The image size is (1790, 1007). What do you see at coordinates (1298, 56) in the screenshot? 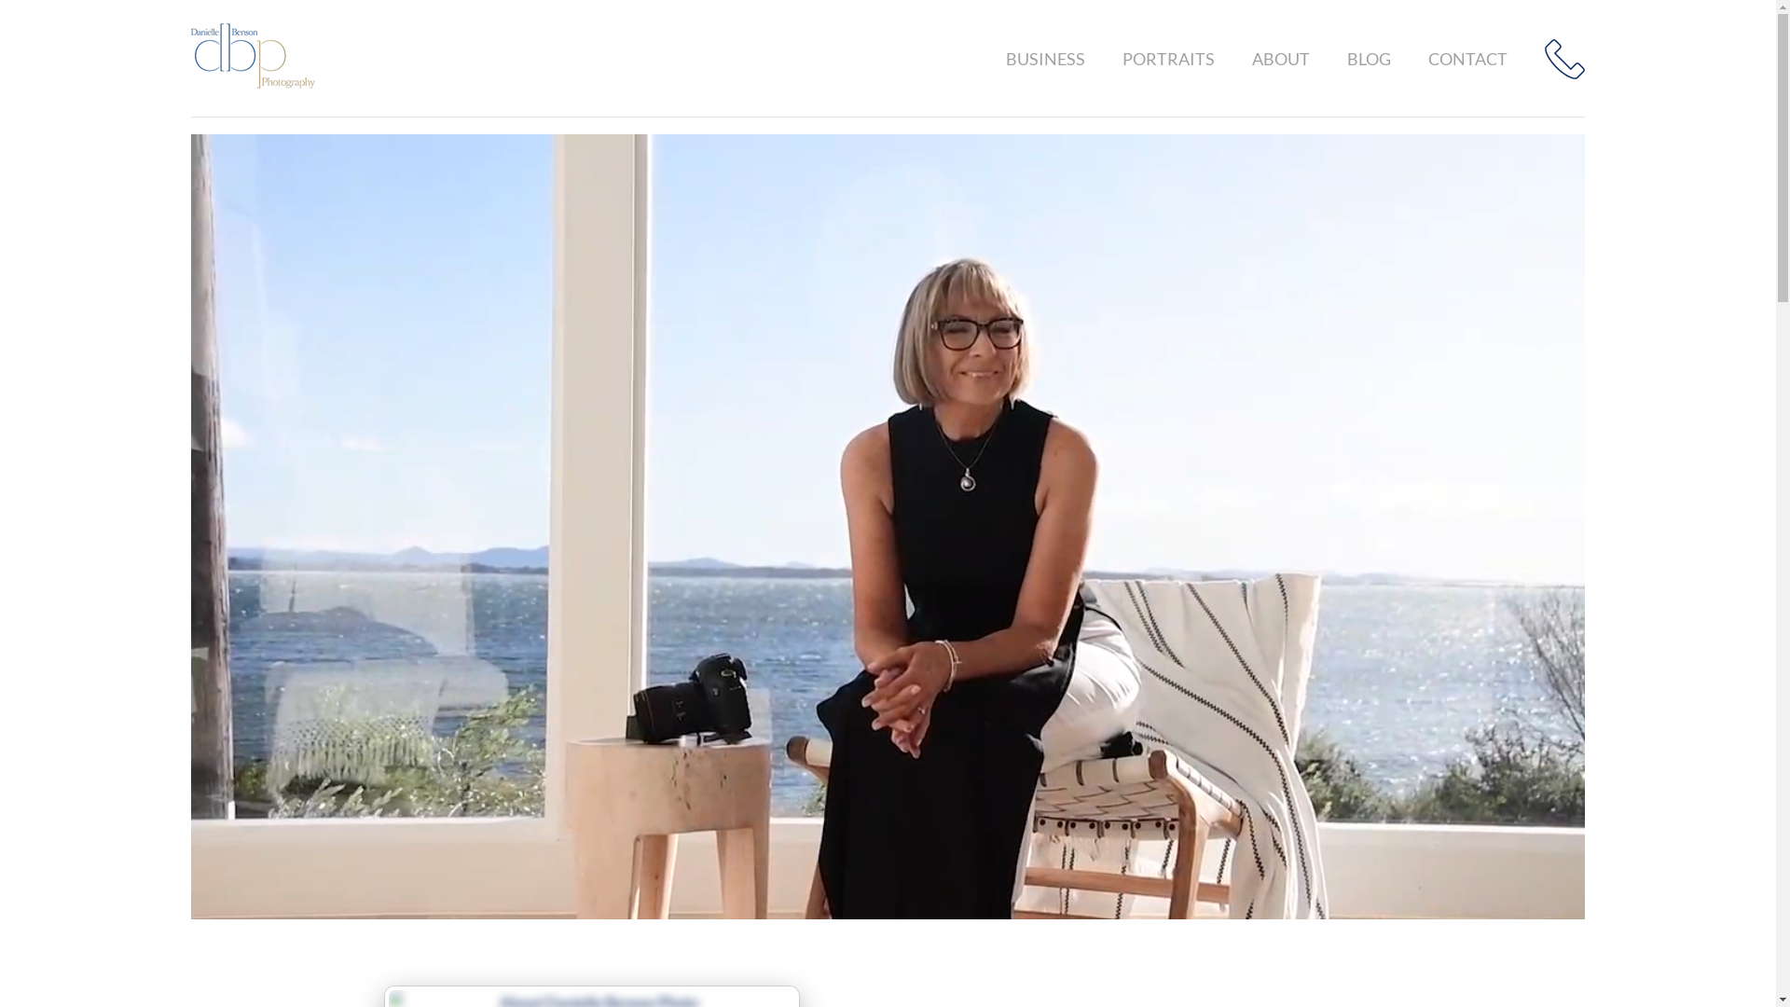
I see `'ABOUT'` at bounding box center [1298, 56].